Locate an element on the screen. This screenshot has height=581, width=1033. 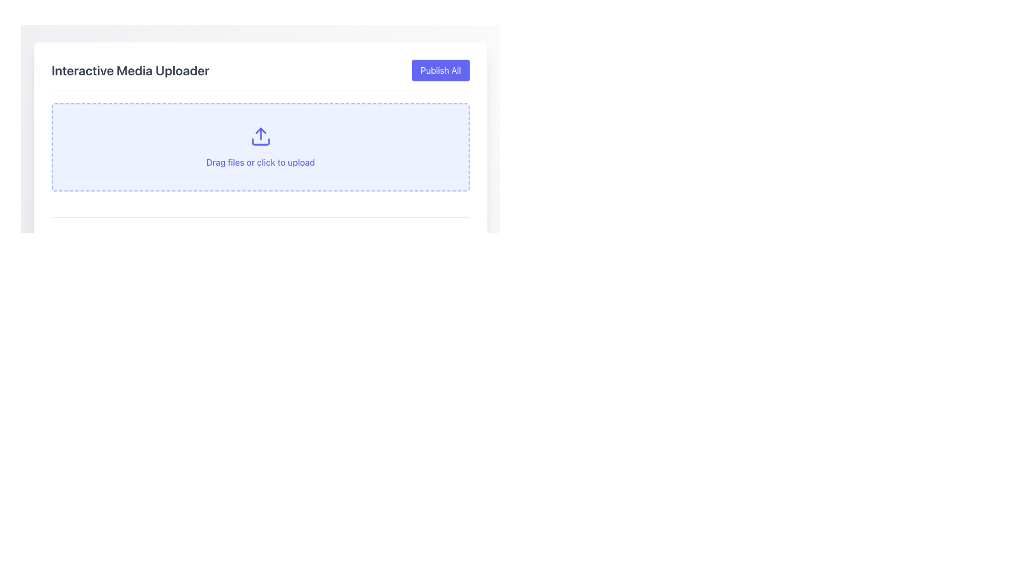
files is located at coordinates (260, 151).